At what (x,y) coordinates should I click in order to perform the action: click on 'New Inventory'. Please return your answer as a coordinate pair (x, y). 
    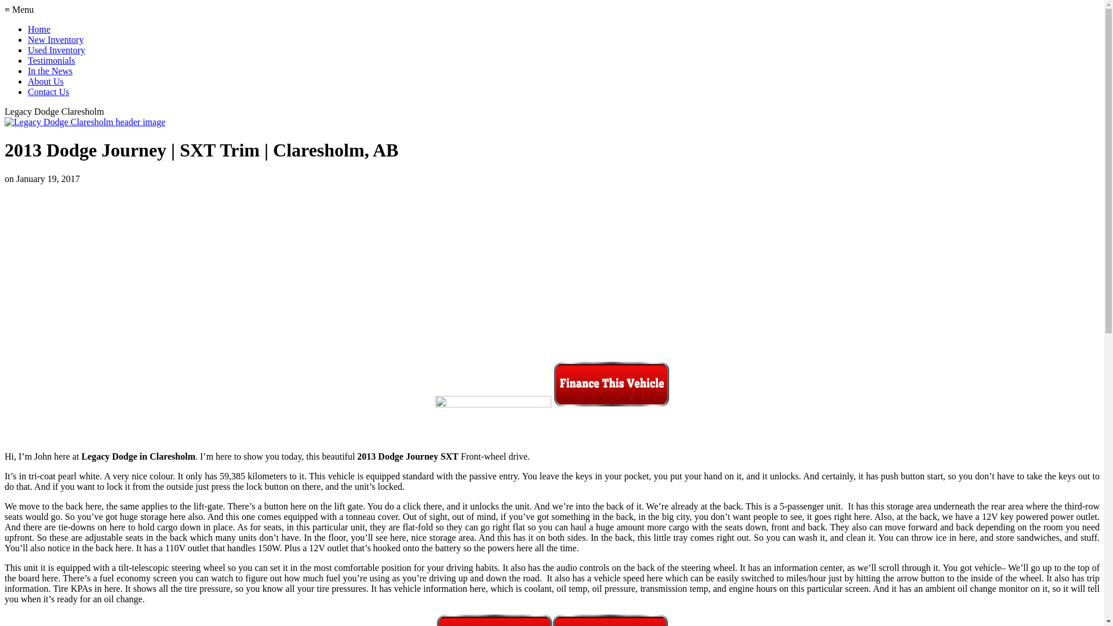
    Looking at the image, I should click on (55, 39).